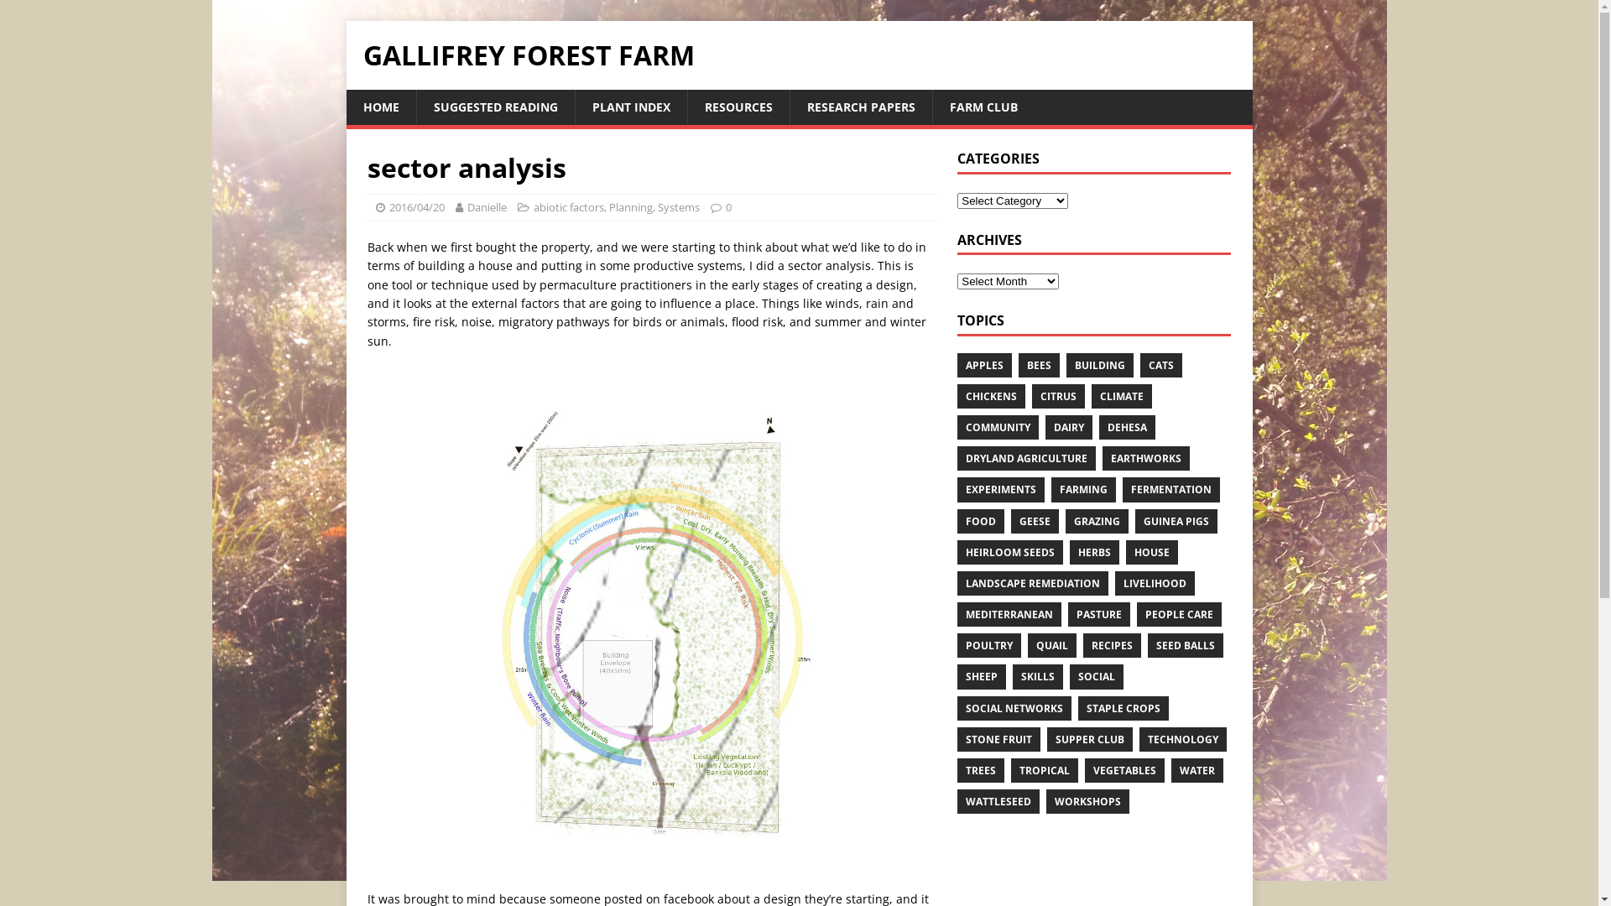 The width and height of the screenshot is (1611, 906). What do you see at coordinates (1090, 738) in the screenshot?
I see `'SUPPER CLUB'` at bounding box center [1090, 738].